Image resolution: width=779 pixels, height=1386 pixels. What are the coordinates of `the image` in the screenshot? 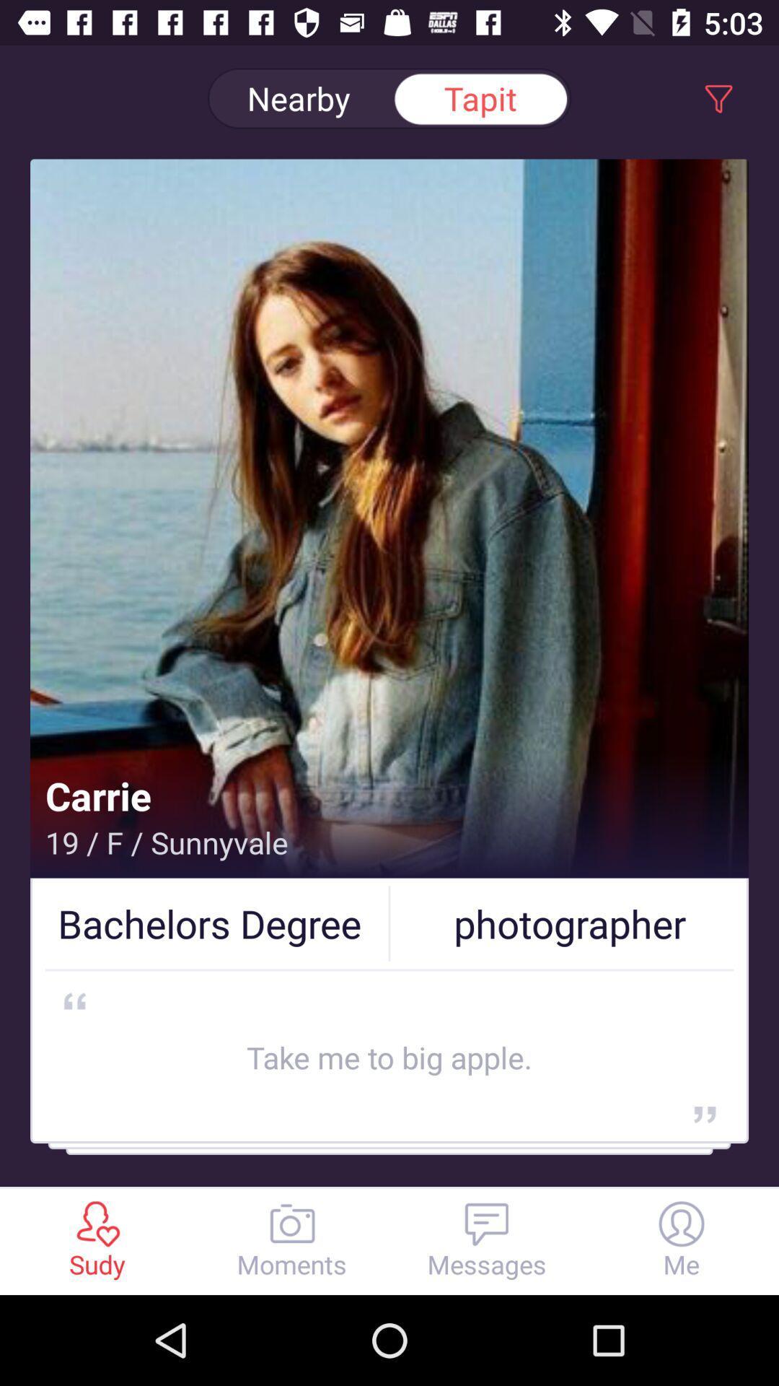 It's located at (389, 554).